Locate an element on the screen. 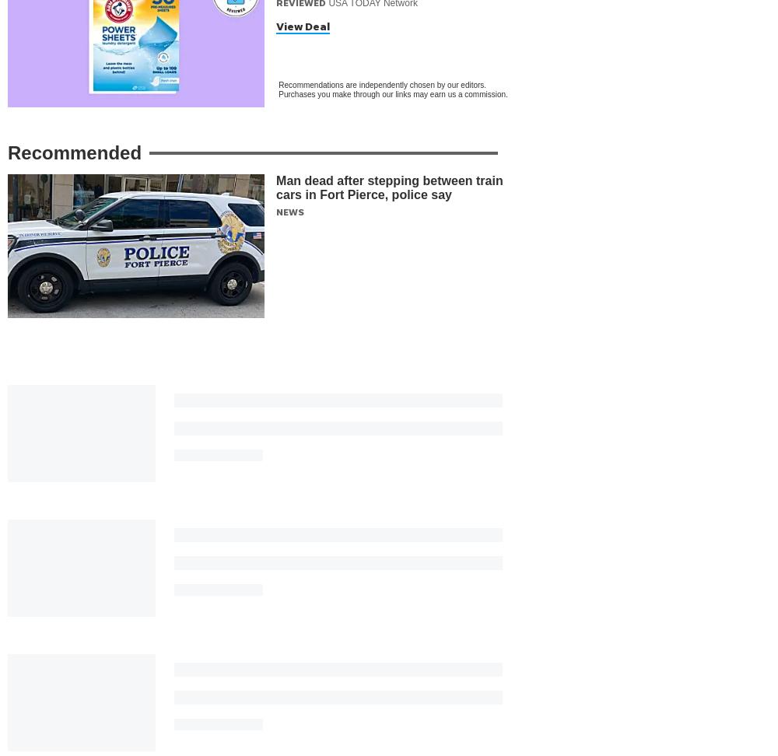 Image resolution: width=778 pixels, height=756 pixels. 'Careers' is located at coordinates (24, 665).